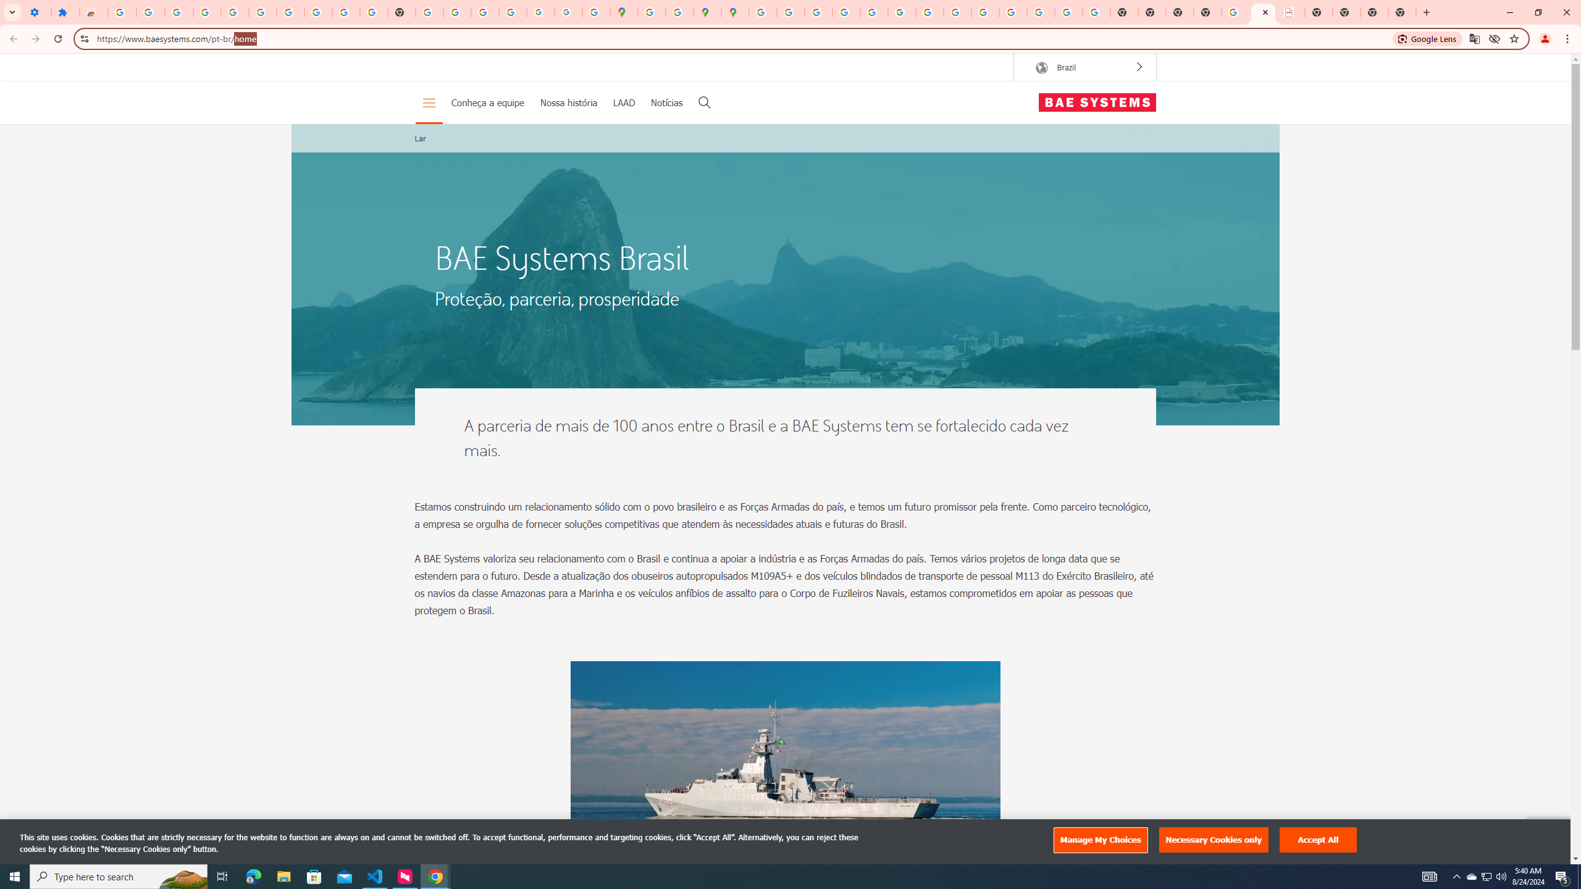 This screenshot has width=1581, height=889. What do you see at coordinates (1291, 12) in the screenshot?
I see `'BAE Systems Brasil | BAE Systems'` at bounding box center [1291, 12].